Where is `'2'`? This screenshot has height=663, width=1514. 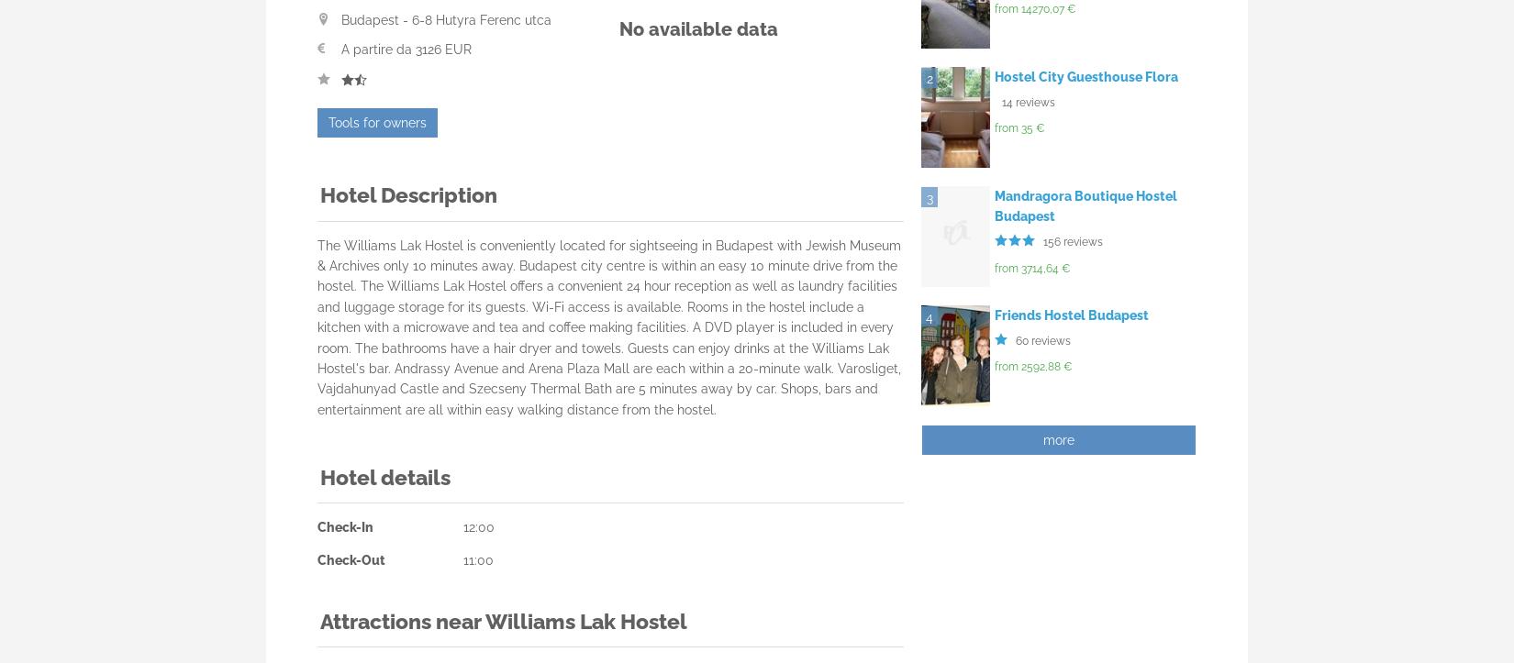
'2' is located at coordinates (925, 77).